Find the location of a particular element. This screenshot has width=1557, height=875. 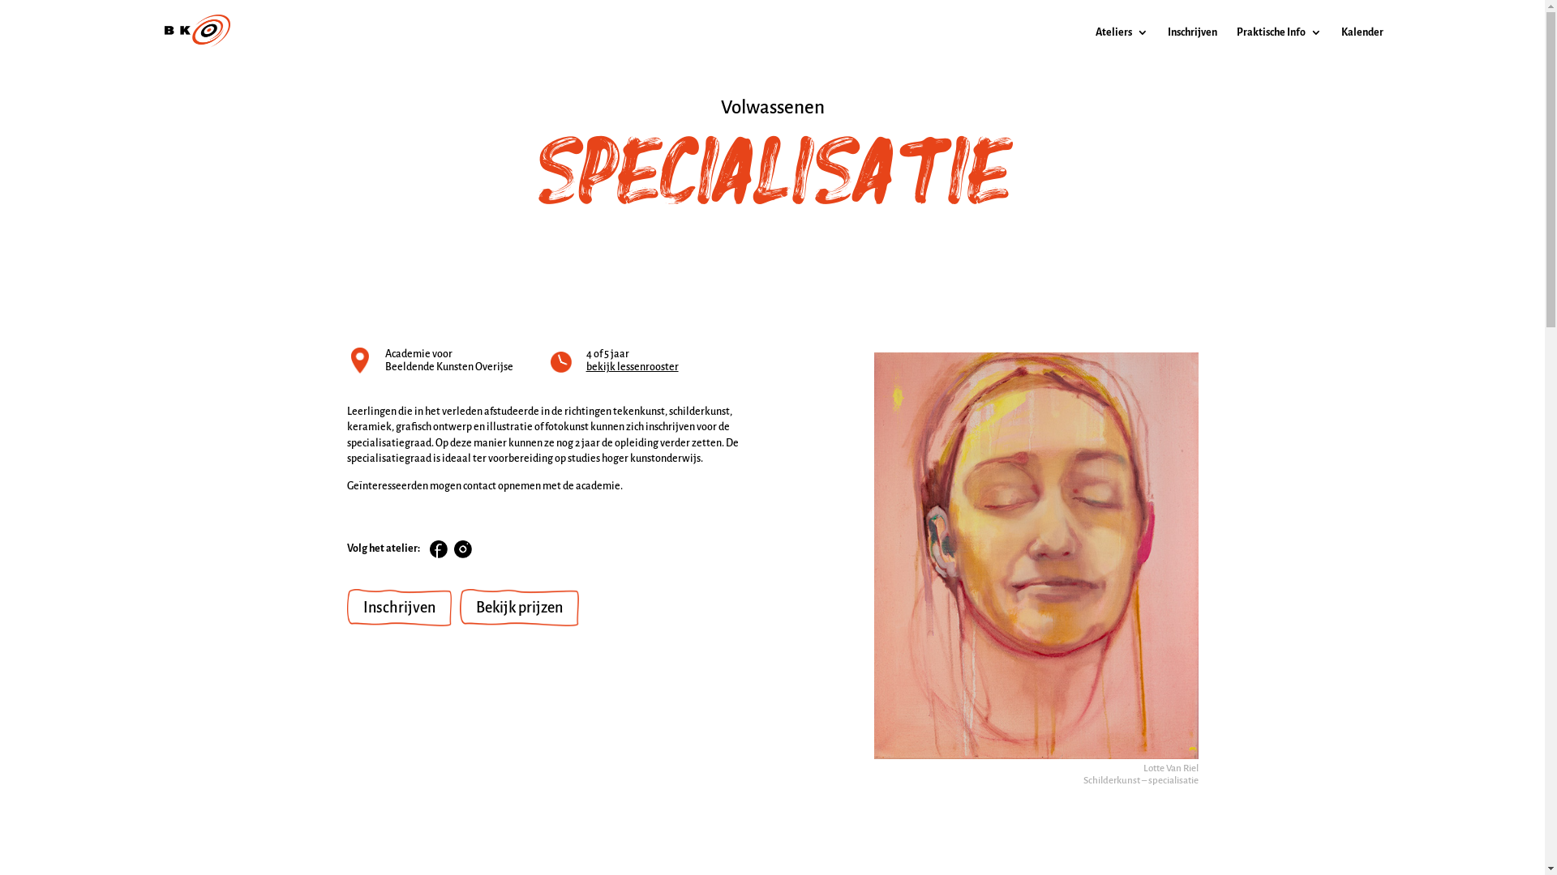

'Follow on Facebook' is located at coordinates (429, 548).